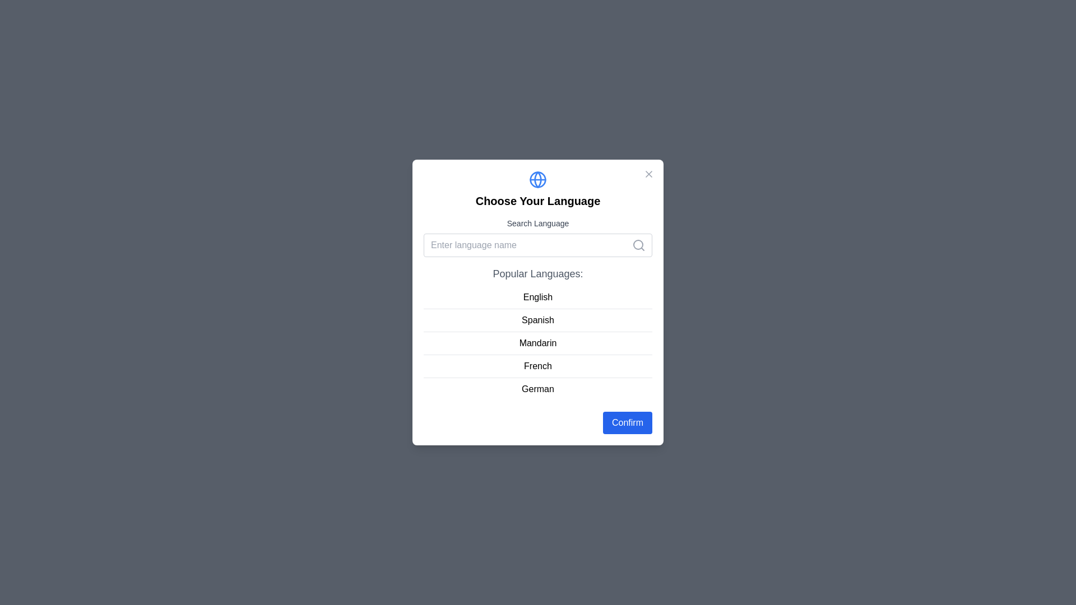  Describe the element at coordinates (27, 27) in the screenshot. I see `the background outside the dialog to close it` at that location.